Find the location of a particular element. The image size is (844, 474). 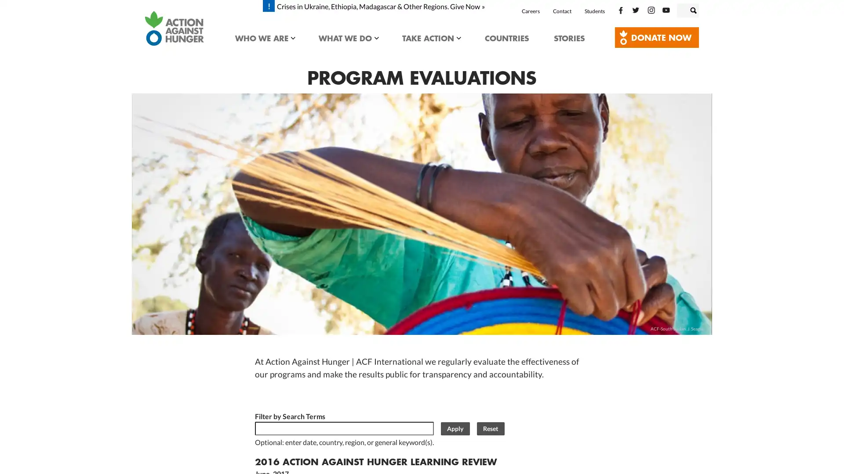

Click Me is located at coordinates (657, 37).